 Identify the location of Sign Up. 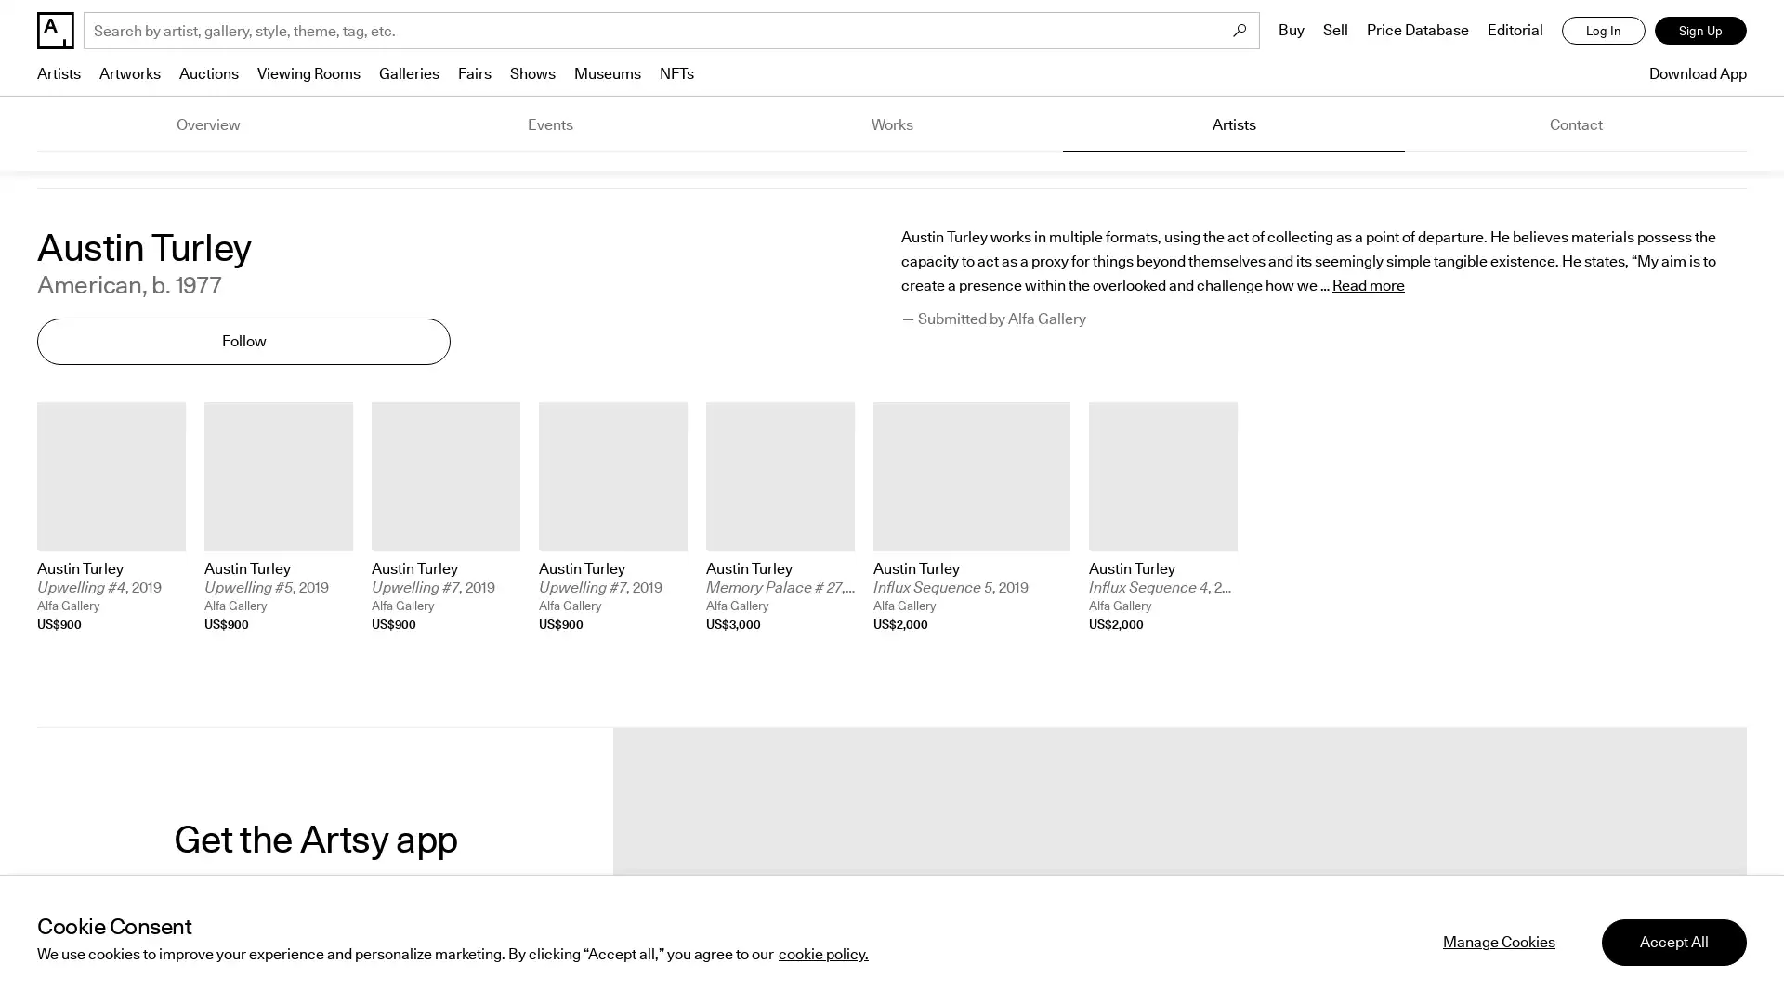
(1700, 31).